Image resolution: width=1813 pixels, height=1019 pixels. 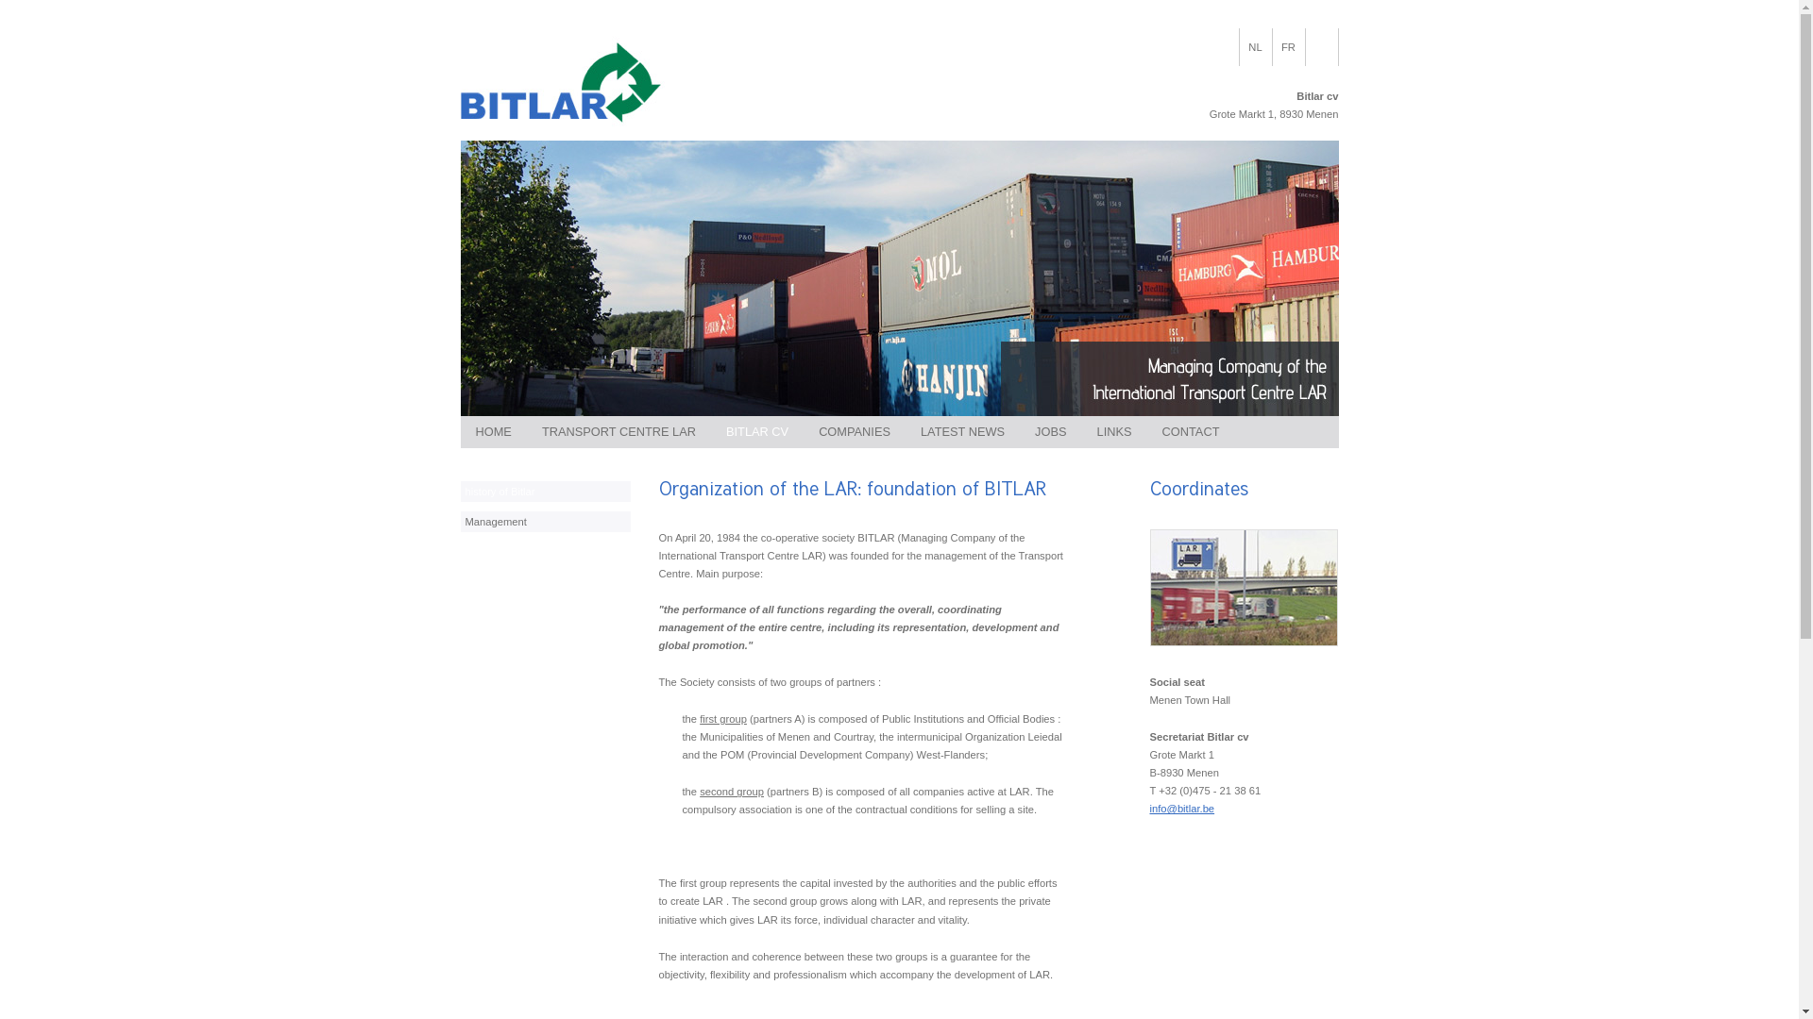 What do you see at coordinates (1287, 46) in the screenshot?
I see `'FR'` at bounding box center [1287, 46].